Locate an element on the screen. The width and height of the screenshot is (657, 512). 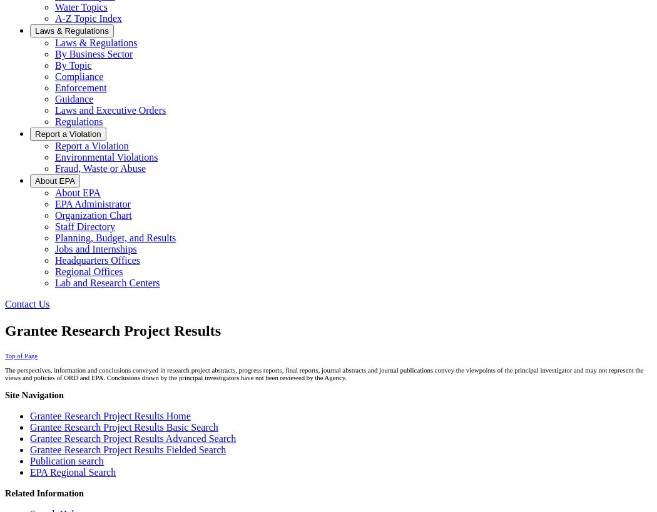
'EPA Regional Search' is located at coordinates (72, 471).